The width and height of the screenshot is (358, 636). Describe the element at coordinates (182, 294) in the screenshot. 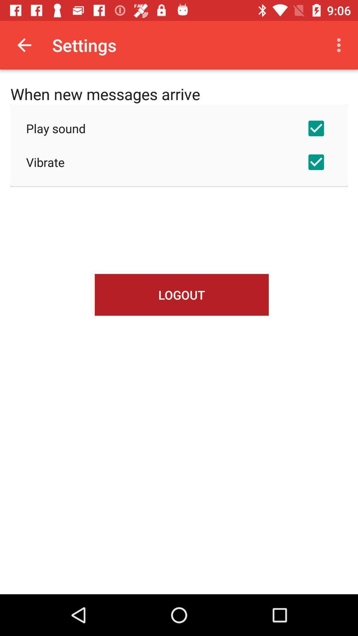

I see `the logout item` at that location.